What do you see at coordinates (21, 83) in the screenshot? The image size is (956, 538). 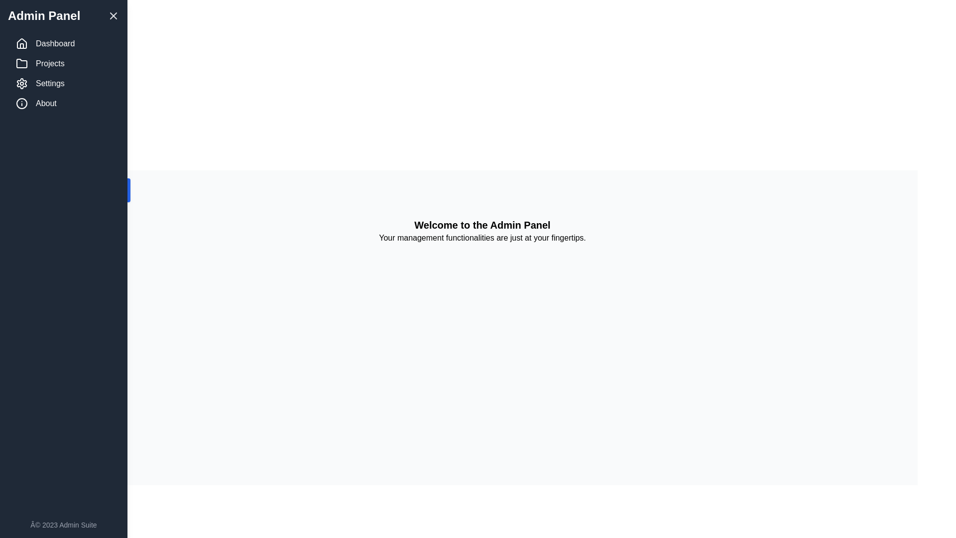 I see `the Settings icon located in the navigation menu of the Admin Panel` at bounding box center [21, 83].